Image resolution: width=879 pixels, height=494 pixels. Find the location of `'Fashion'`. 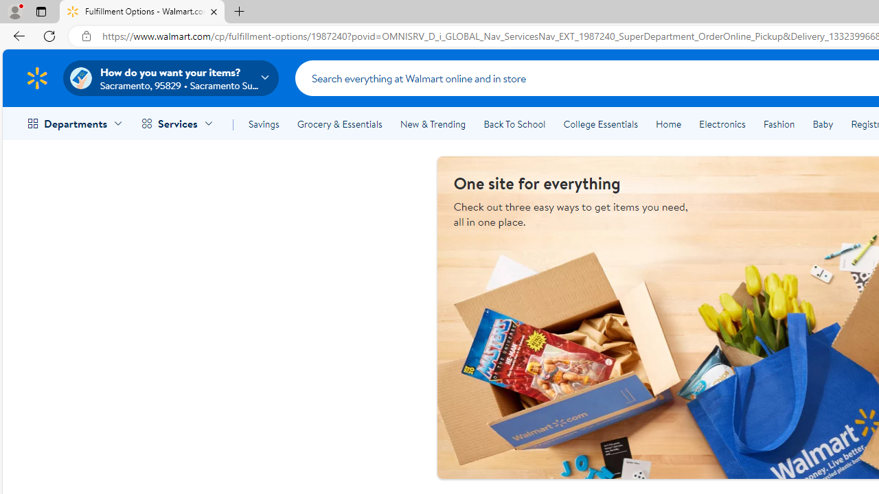

'Fashion' is located at coordinates (779, 124).